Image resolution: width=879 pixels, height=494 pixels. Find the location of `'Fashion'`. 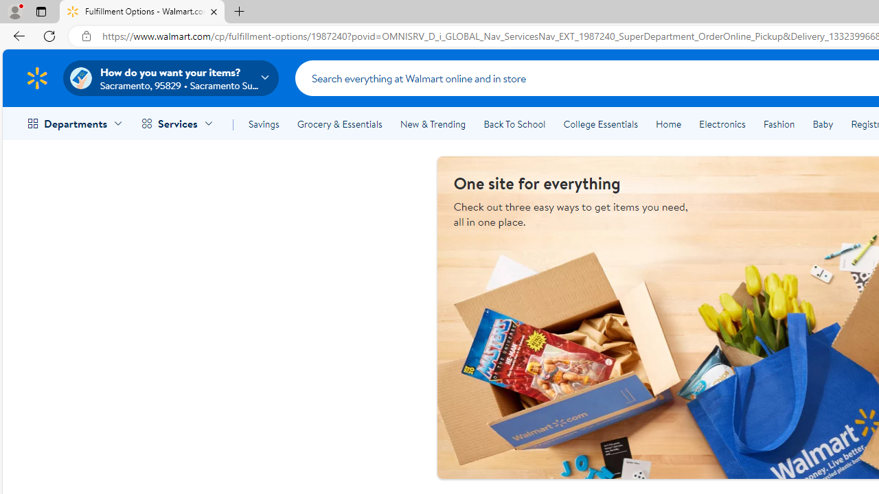

'Fashion' is located at coordinates (779, 124).